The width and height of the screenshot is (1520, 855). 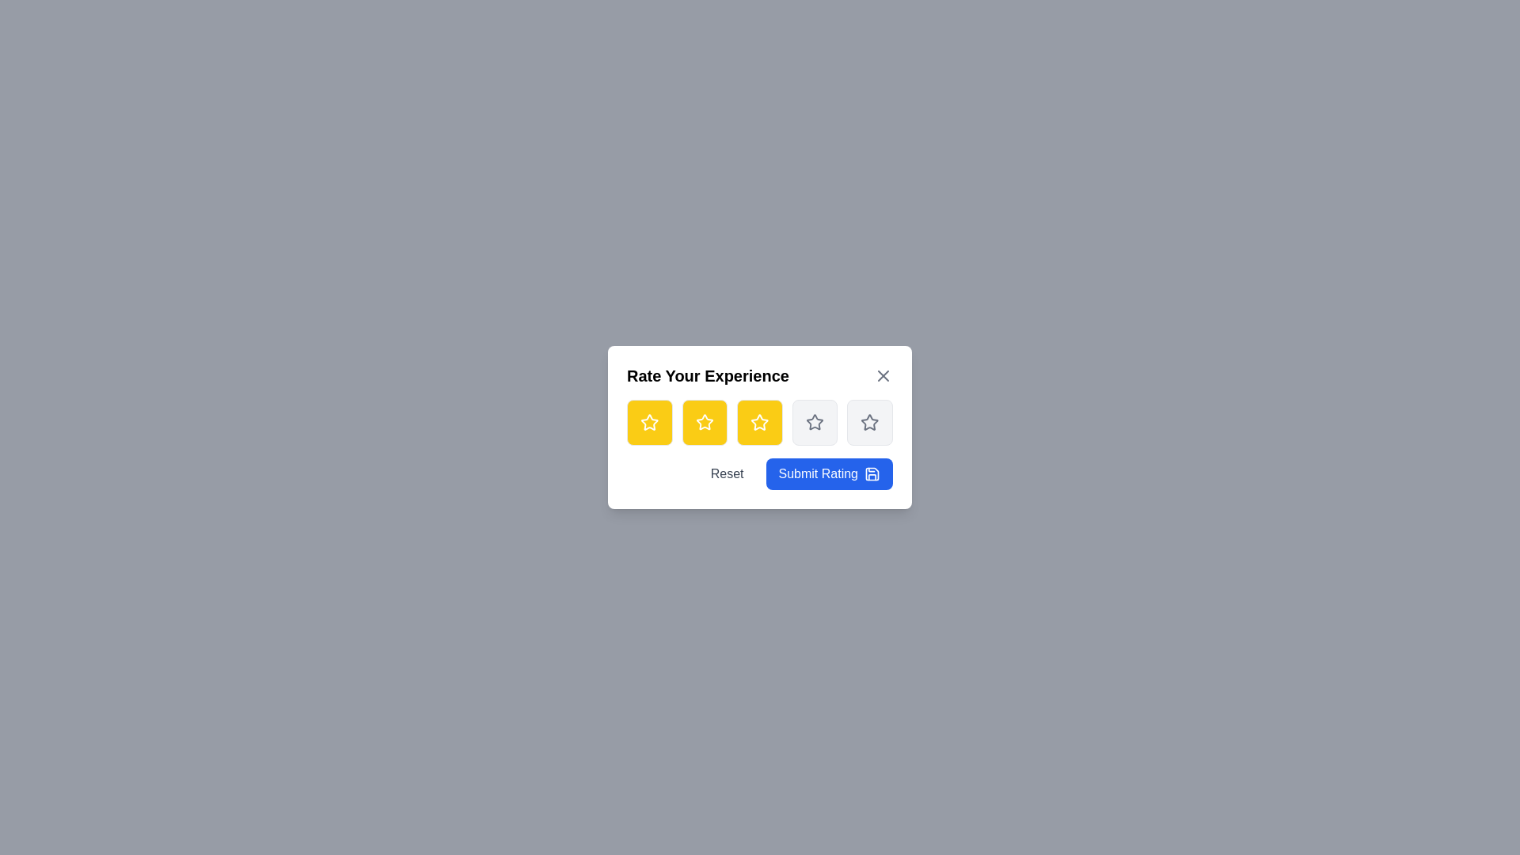 What do you see at coordinates (726, 473) in the screenshot?
I see `'Reset' button to reset the rating to zero` at bounding box center [726, 473].